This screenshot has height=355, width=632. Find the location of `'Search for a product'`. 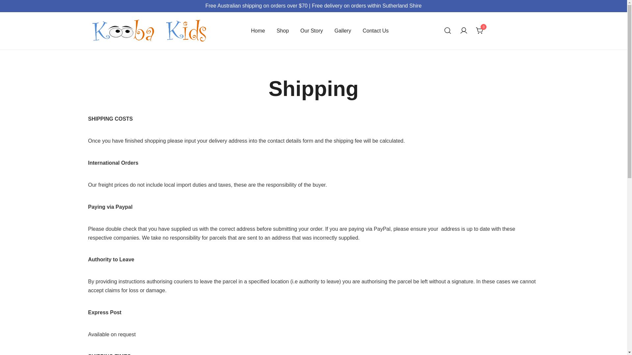

'Search for a product' is located at coordinates (447, 31).